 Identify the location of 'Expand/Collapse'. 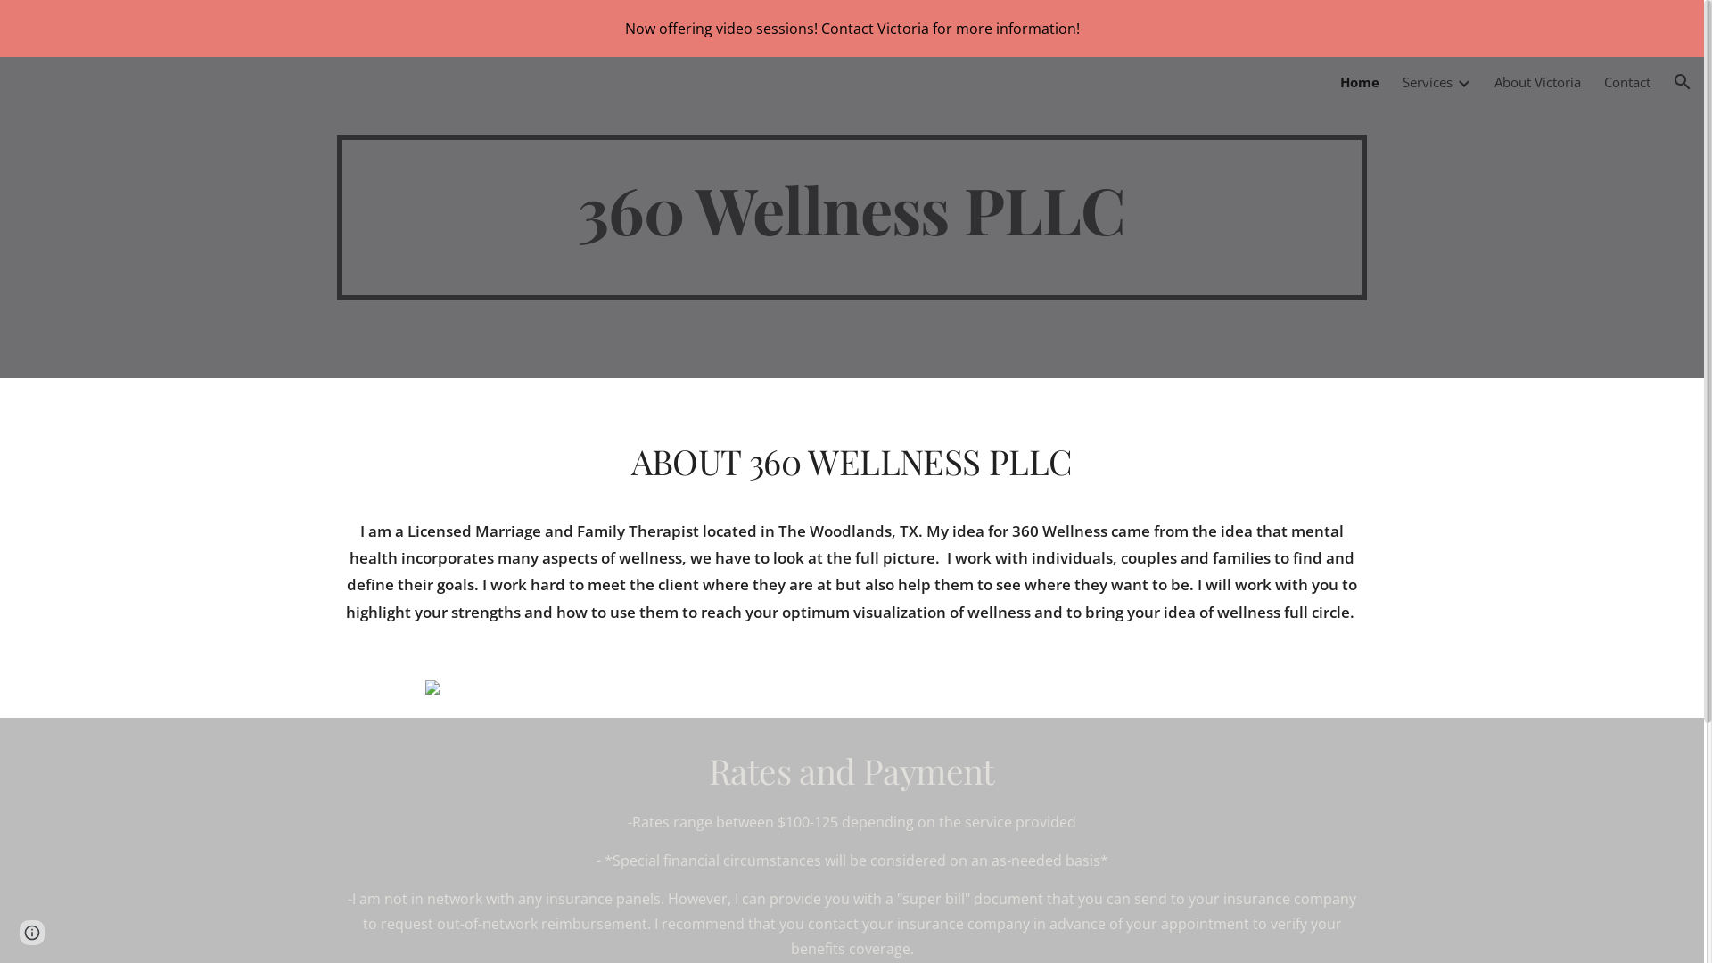
(1463, 82).